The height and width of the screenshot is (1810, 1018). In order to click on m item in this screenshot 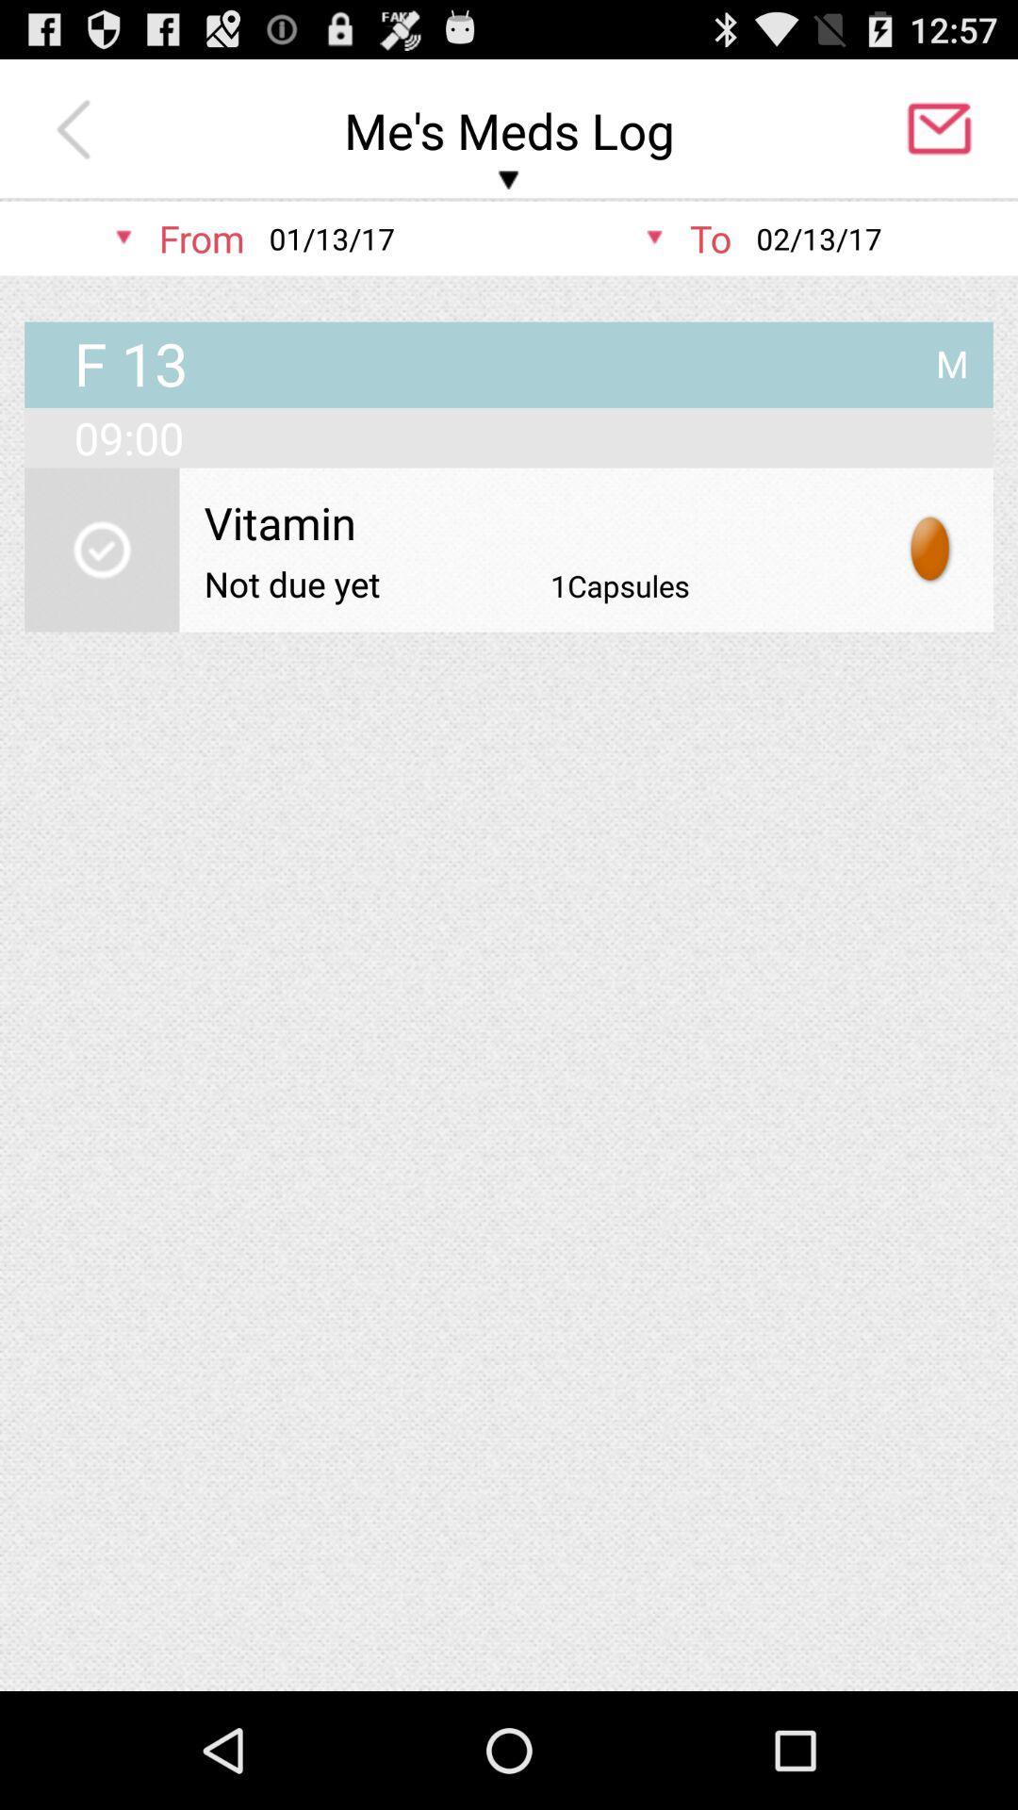, I will do `click(952, 356)`.